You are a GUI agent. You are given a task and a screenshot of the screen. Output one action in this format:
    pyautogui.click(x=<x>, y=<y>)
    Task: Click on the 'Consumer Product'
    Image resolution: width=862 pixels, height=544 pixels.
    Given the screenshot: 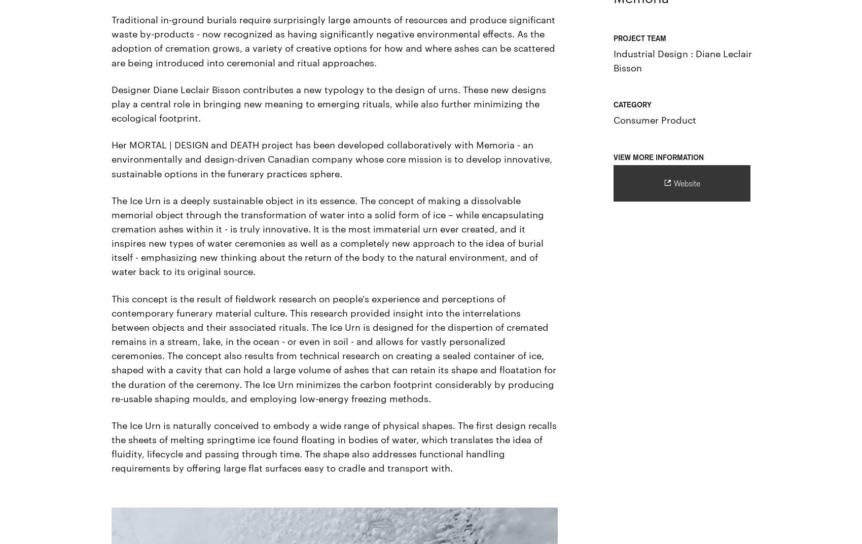 What is the action you would take?
    pyautogui.click(x=655, y=119)
    